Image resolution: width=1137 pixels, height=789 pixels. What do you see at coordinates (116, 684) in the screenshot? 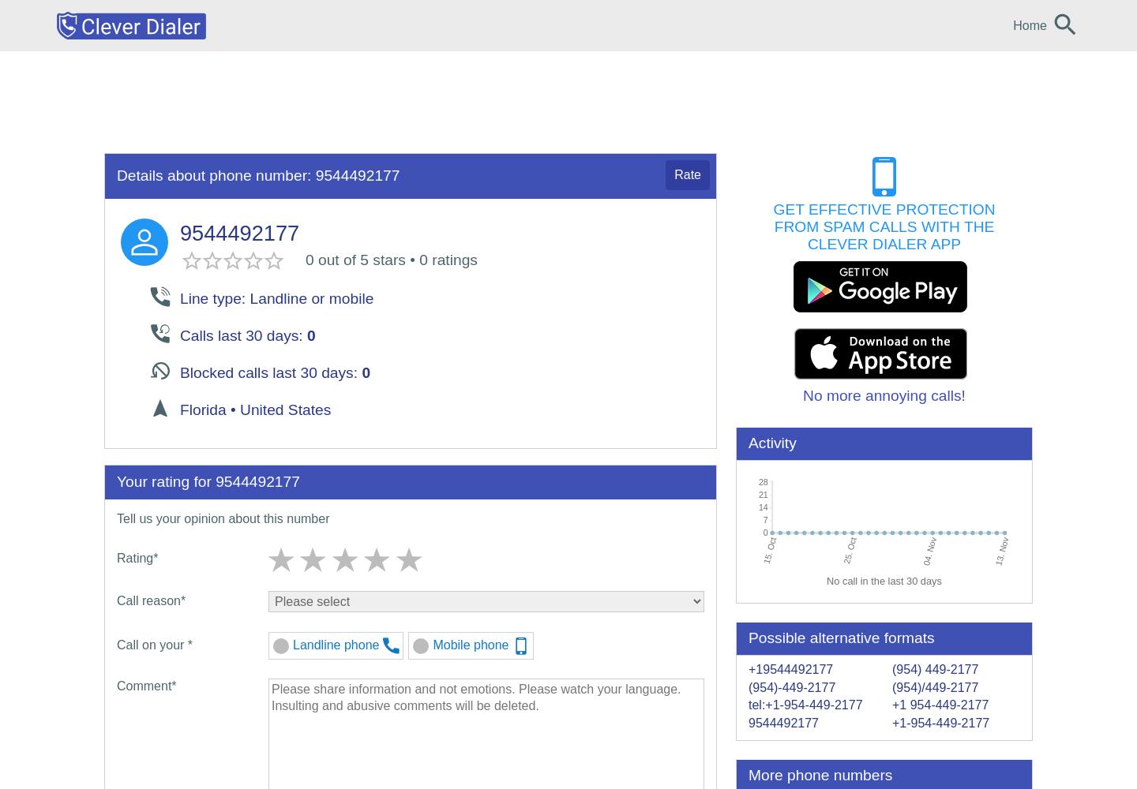
I see `'Comment'` at bounding box center [116, 684].